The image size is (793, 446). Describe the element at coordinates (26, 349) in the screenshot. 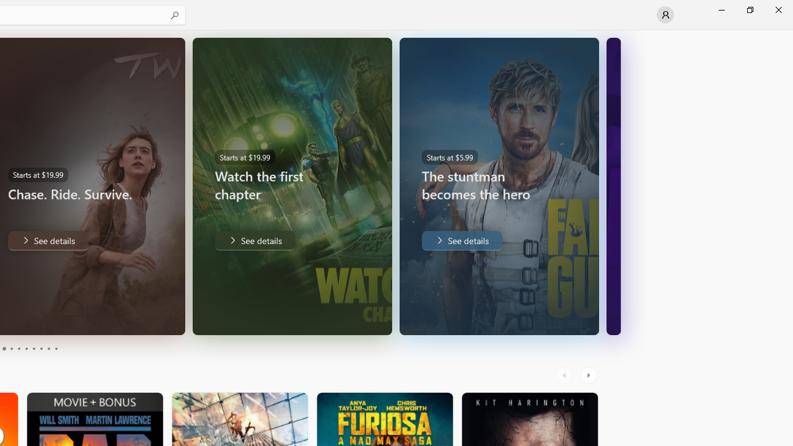

I see `'Page 6'` at that location.